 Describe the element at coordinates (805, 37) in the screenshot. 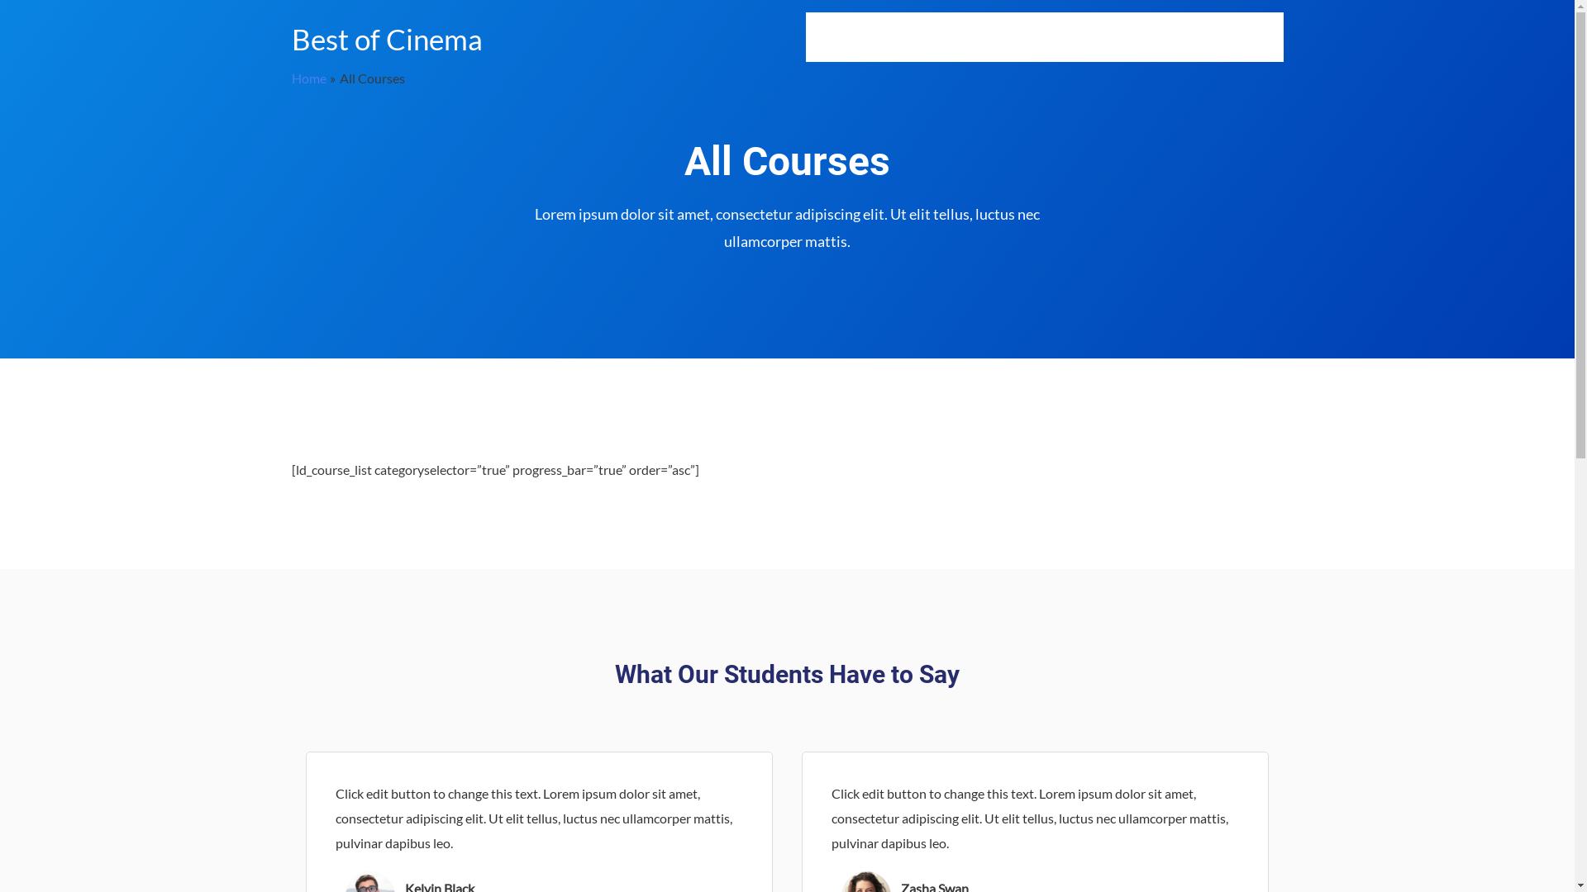

I see `'Home'` at that location.